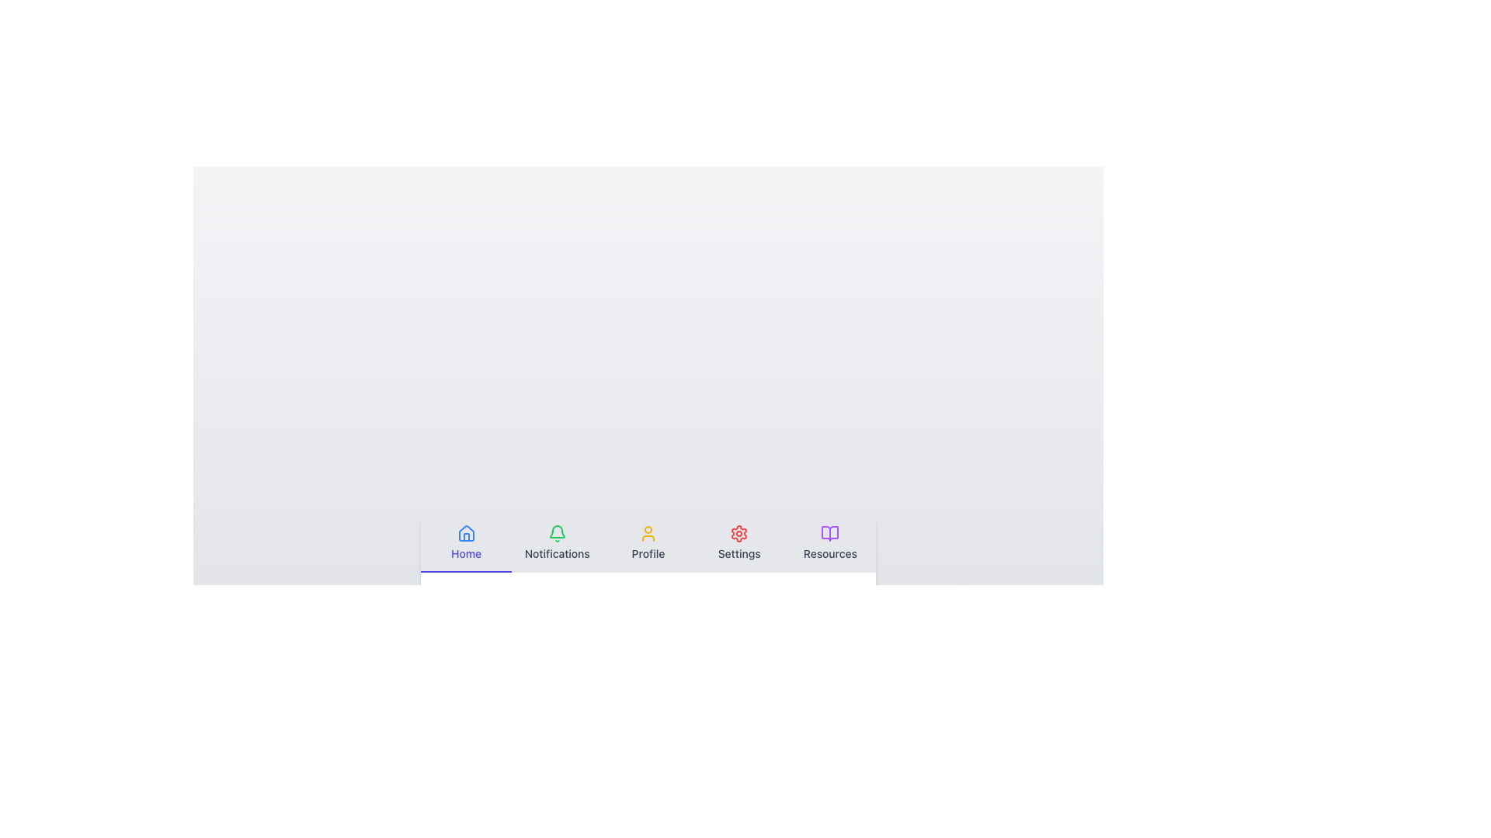 The height and width of the screenshot is (838, 1491). Describe the element at coordinates (648, 542) in the screenshot. I see `the 'Profile' button, which features a yellow user outline icon above a text label` at that location.